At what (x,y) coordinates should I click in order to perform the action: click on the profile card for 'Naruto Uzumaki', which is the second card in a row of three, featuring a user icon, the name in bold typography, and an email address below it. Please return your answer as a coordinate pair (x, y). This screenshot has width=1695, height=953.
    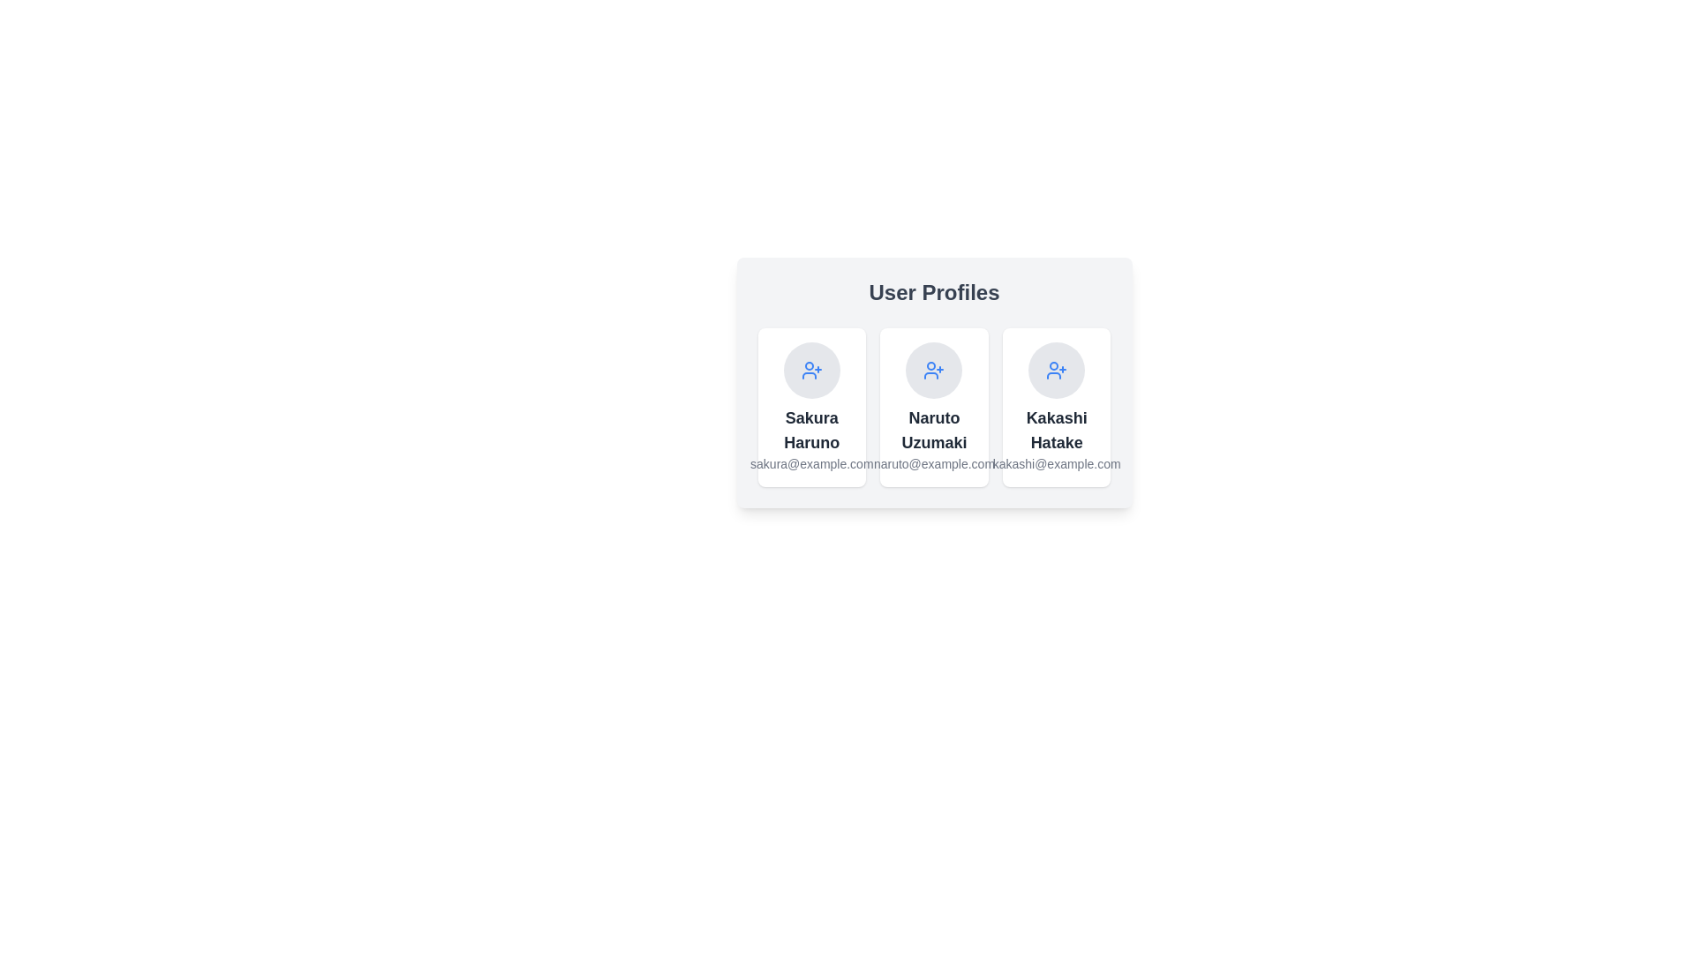
    Looking at the image, I should click on (933, 408).